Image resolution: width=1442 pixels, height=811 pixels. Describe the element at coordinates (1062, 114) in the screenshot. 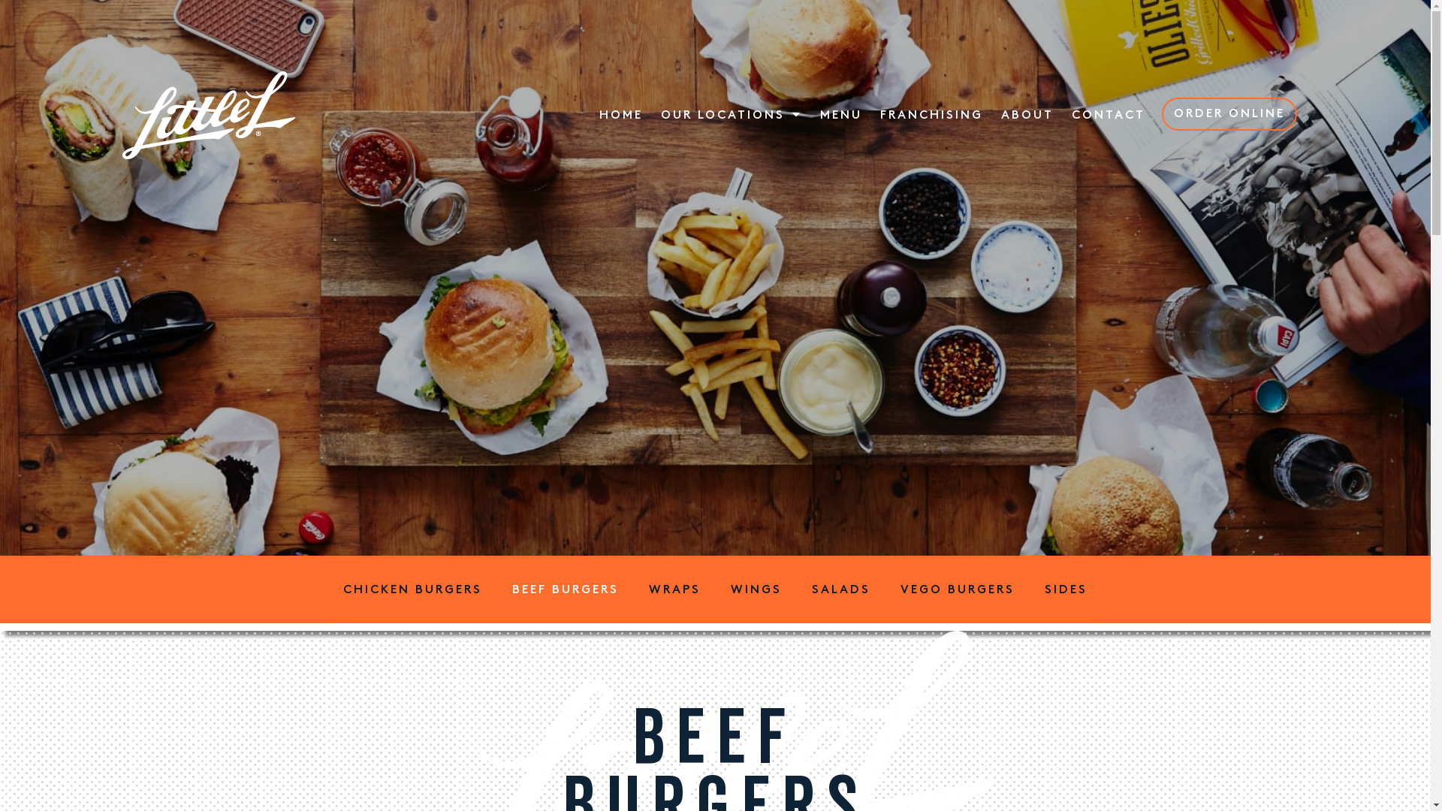

I see `'CONTACT'` at that location.